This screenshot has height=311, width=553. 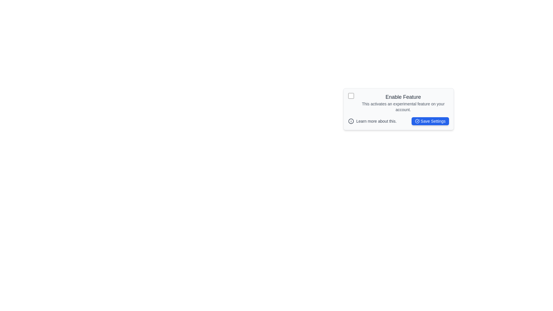 I want to click on the circular icon with a check mark inside, located to the left of the 'Save Settings' text within the button, so click(x=417, y=121).